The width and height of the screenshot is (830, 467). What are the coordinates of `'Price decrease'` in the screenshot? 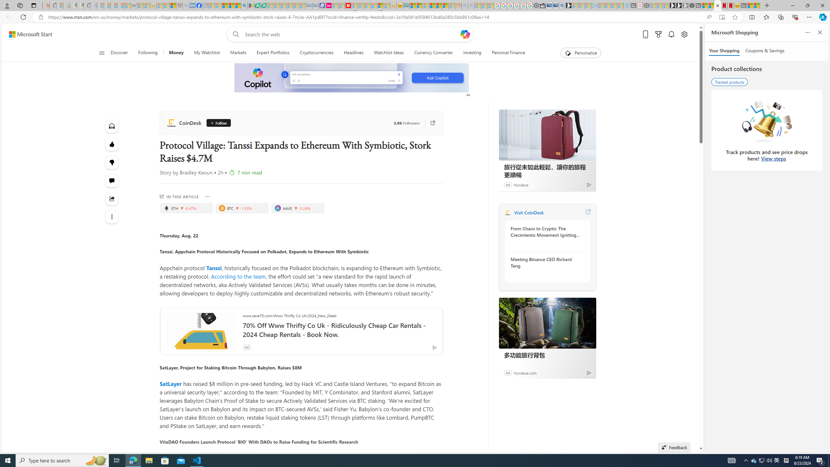 It's located at (296, 208).